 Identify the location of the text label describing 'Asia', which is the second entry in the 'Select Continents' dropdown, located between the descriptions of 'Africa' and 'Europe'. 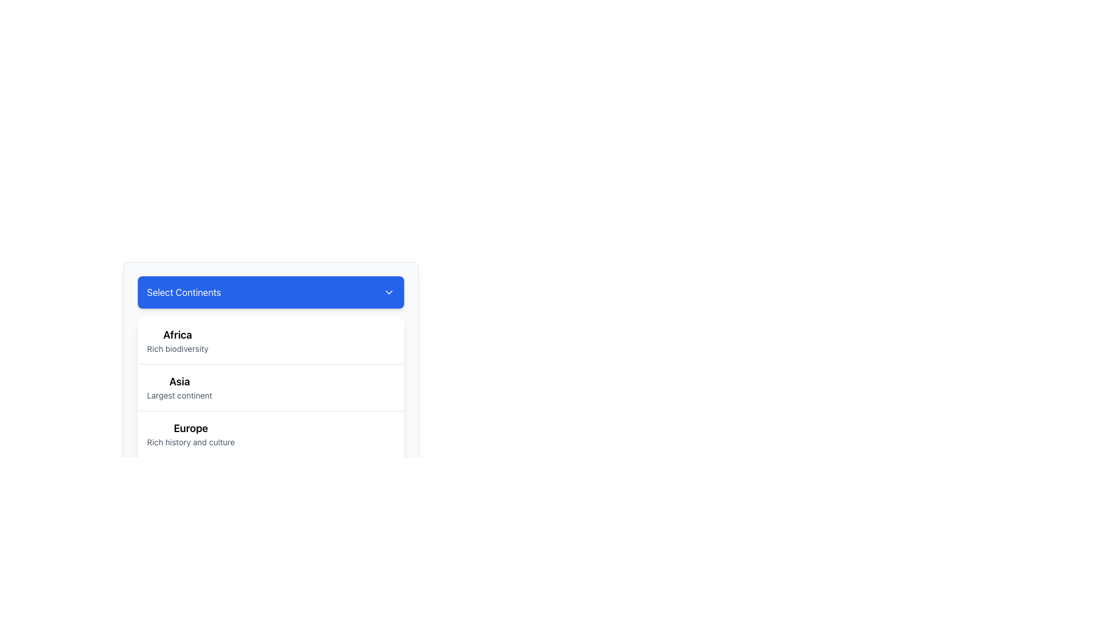
(179, 395).